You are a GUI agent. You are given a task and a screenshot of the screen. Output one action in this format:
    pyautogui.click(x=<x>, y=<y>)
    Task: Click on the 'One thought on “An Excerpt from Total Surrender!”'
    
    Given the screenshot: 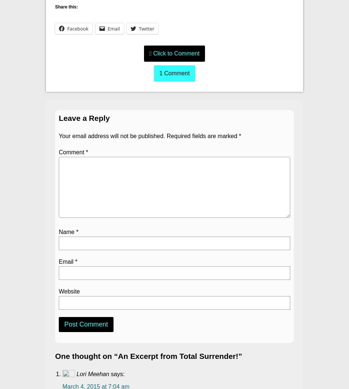 What is the action you would take?
    pyautogui.click(x=148, y=356)
    